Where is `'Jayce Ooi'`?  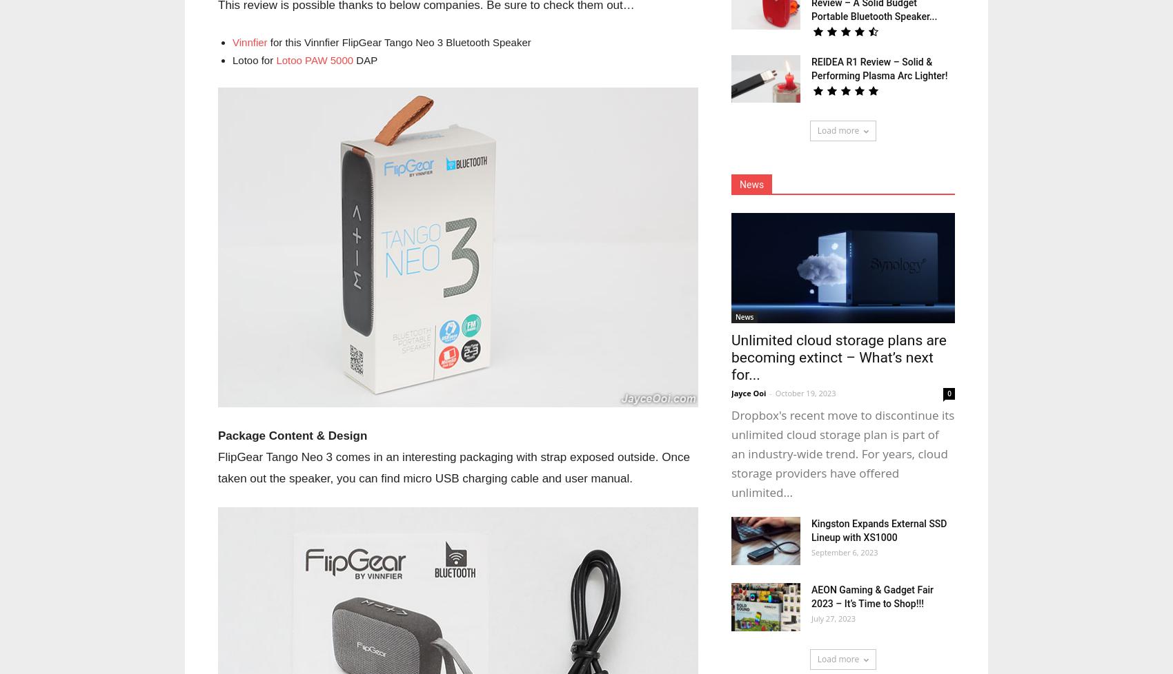
'Jayce Ooi' is located at coordinates (748, 393).